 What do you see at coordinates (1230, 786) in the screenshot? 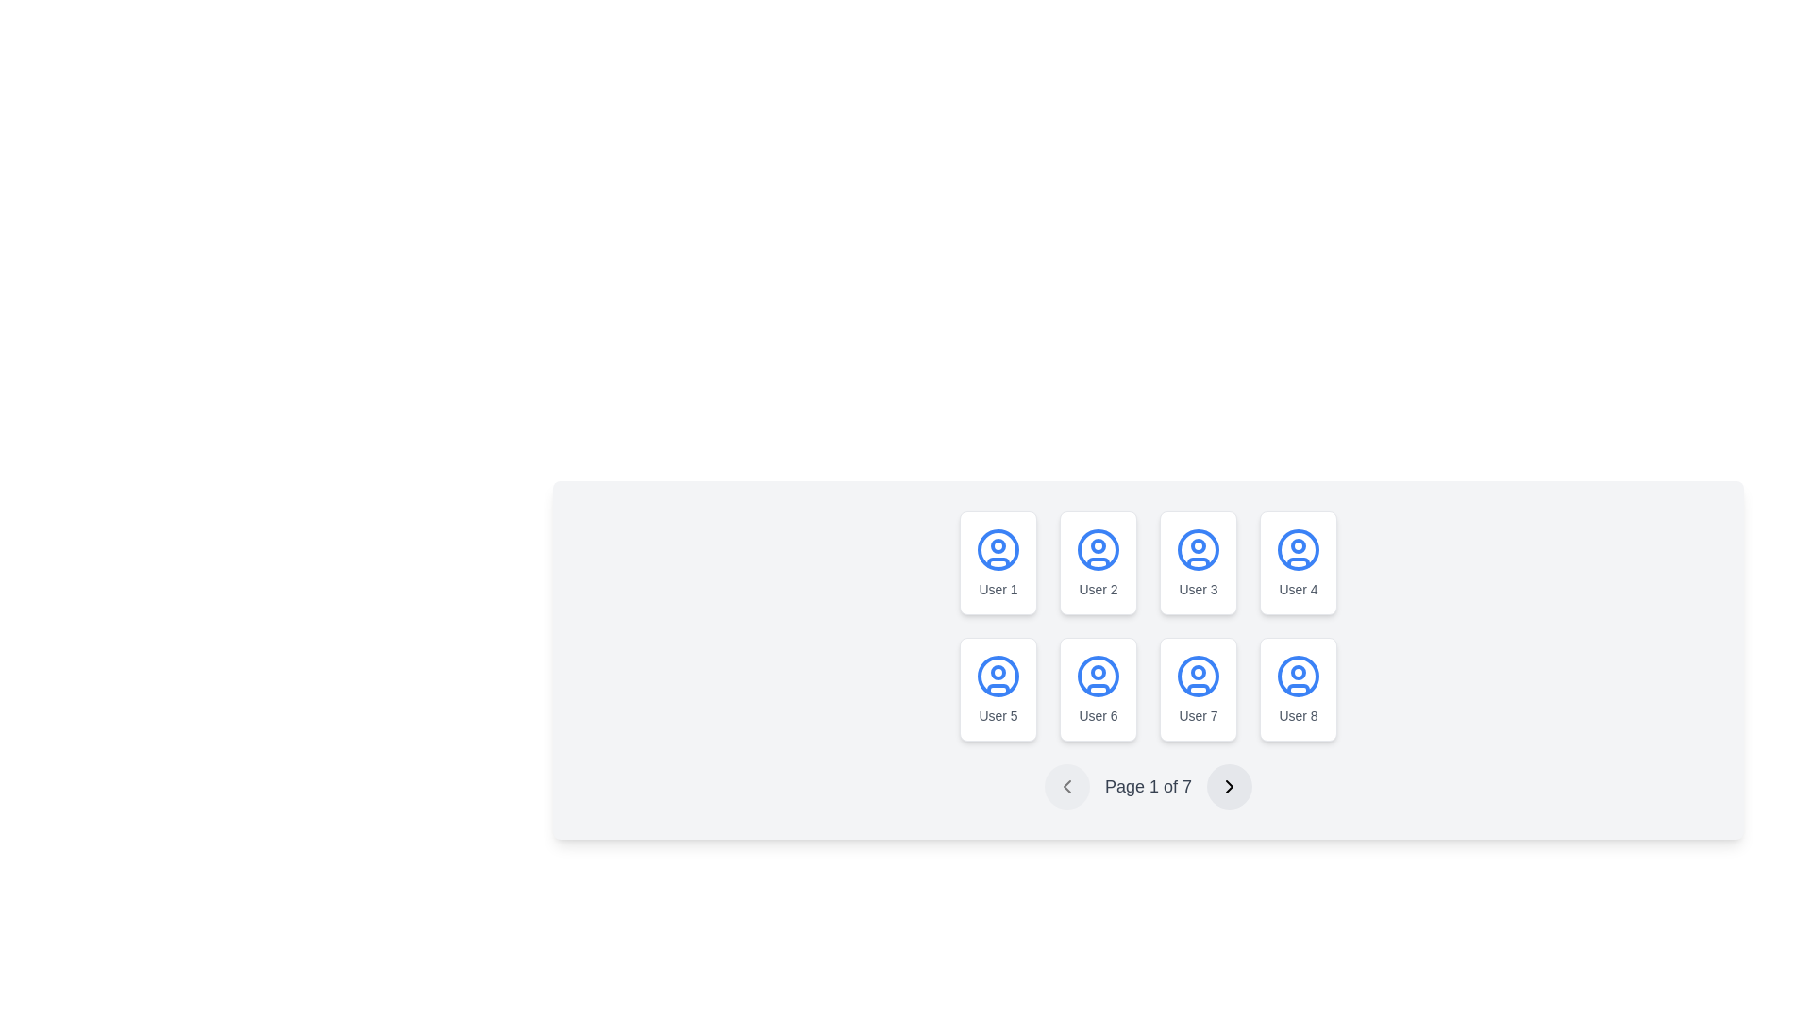
I see `the right-facing chevron icon button, which has a light gray background and is used for 'next page' navigation` at bounding box center [1230, 786].